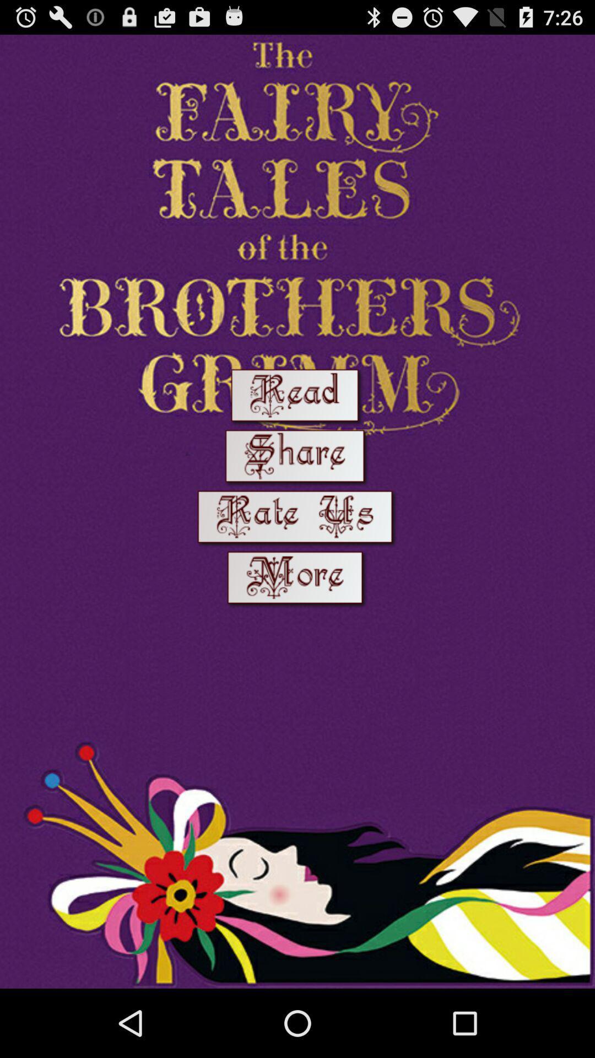 This screenshot has height=1058, width=595. I want to click on start reading, so click(296, 397).